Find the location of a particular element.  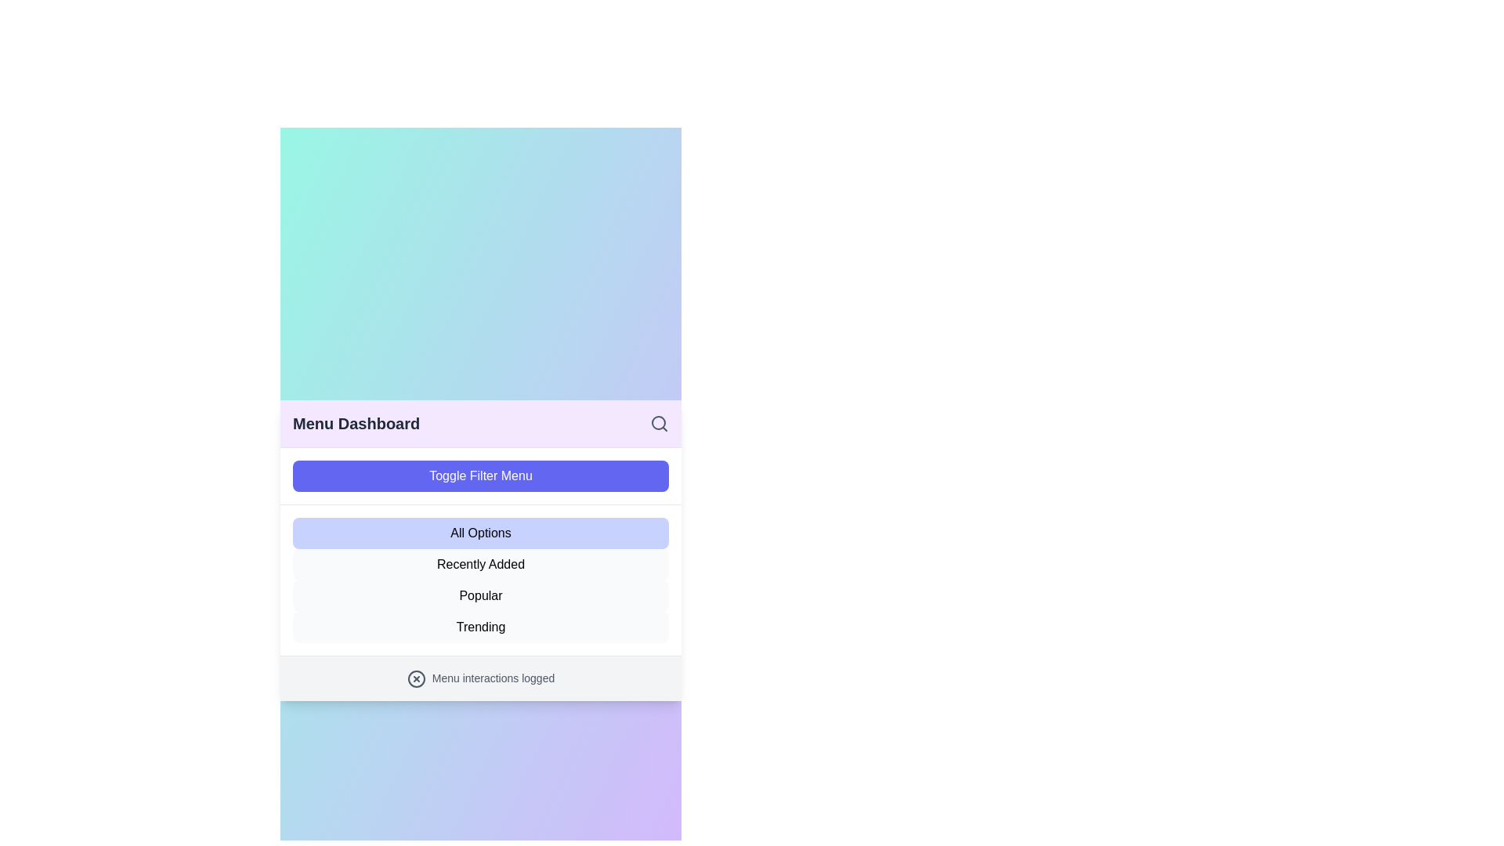

the menu option Popular from the list is located at coordinates (480, 596).